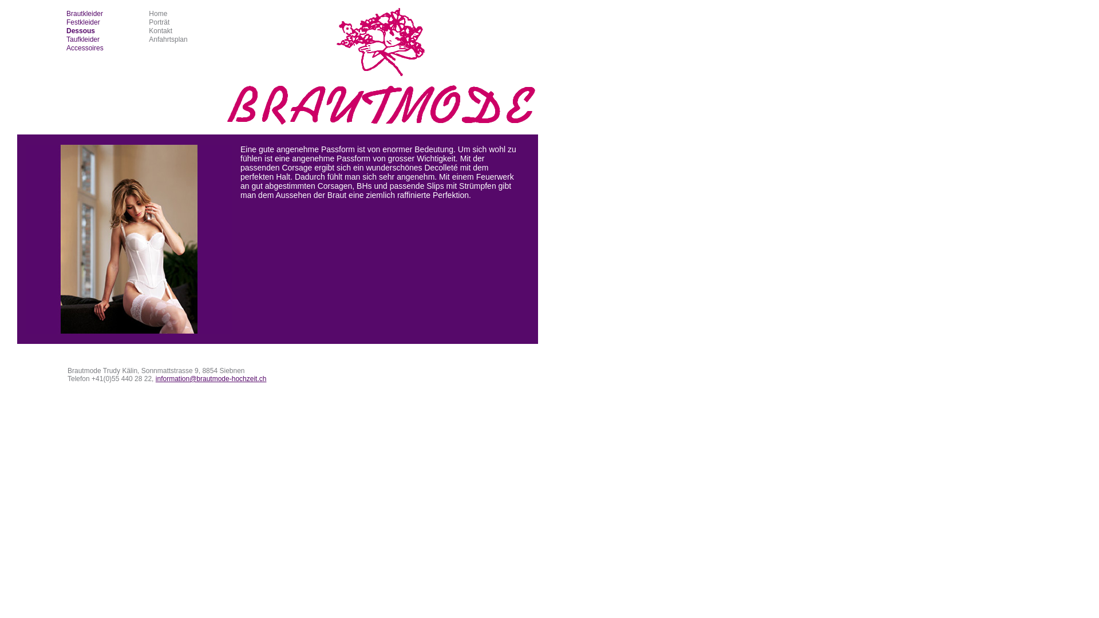 This screenshot has height=618, width=1099. I want to click on 'Anfahrtsplan', so click(148, 39).